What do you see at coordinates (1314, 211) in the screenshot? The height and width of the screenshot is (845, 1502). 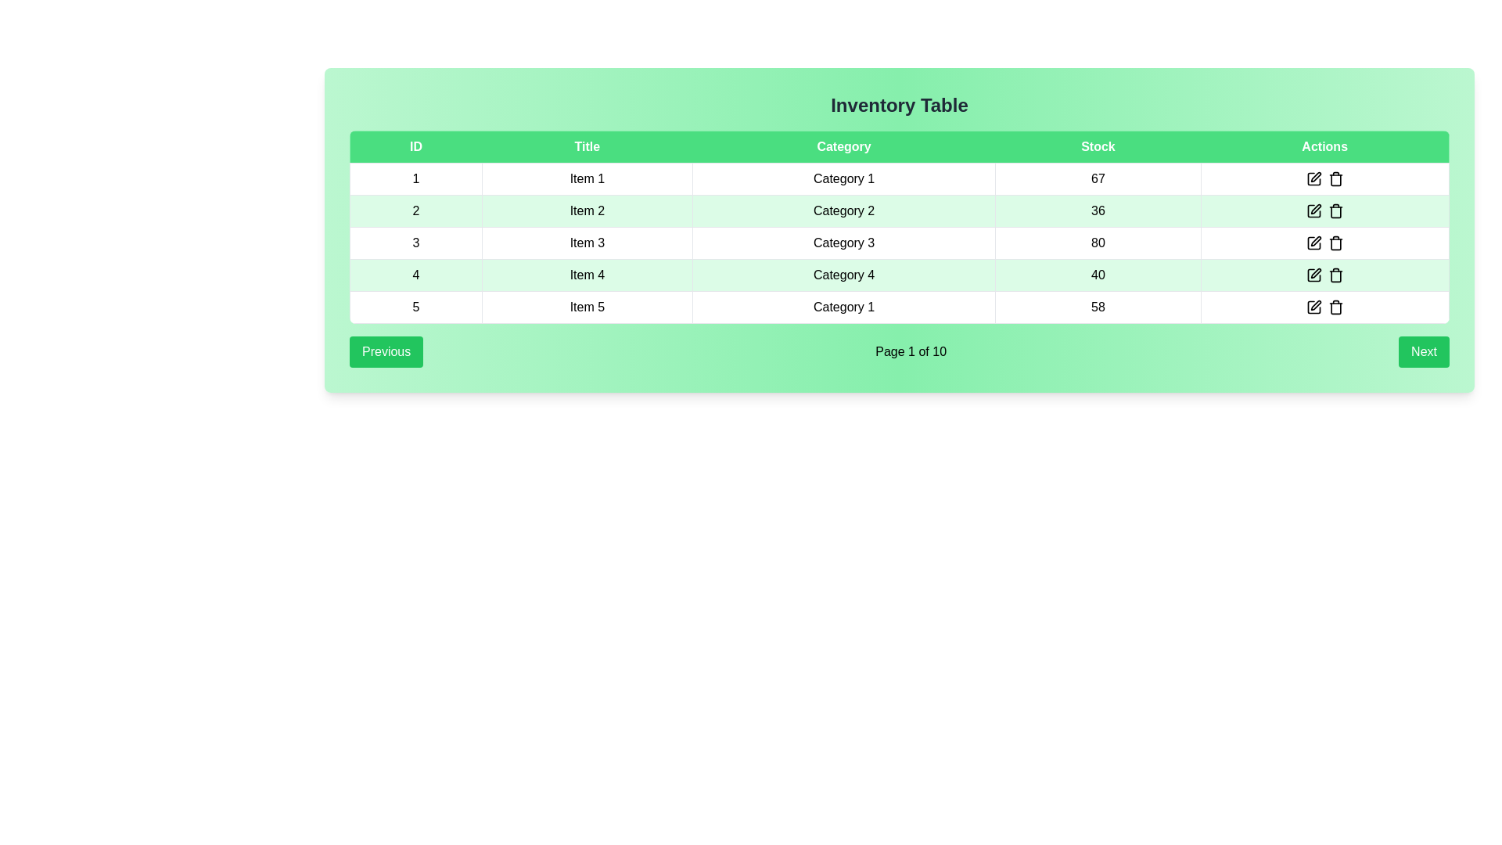 I see `the Icon component depicting a square with a pen motif, located in the 'Actions' column of the second row of the table` at bounding box center [1314, 211].